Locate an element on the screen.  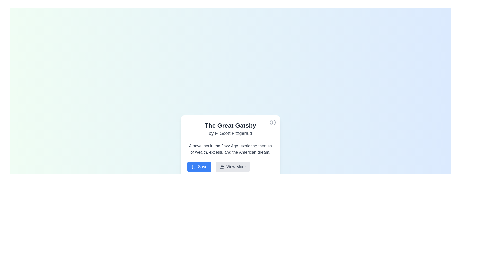
the 'View More' button located at the bottom-right corner of the button group is located at coordinates (232, 167).